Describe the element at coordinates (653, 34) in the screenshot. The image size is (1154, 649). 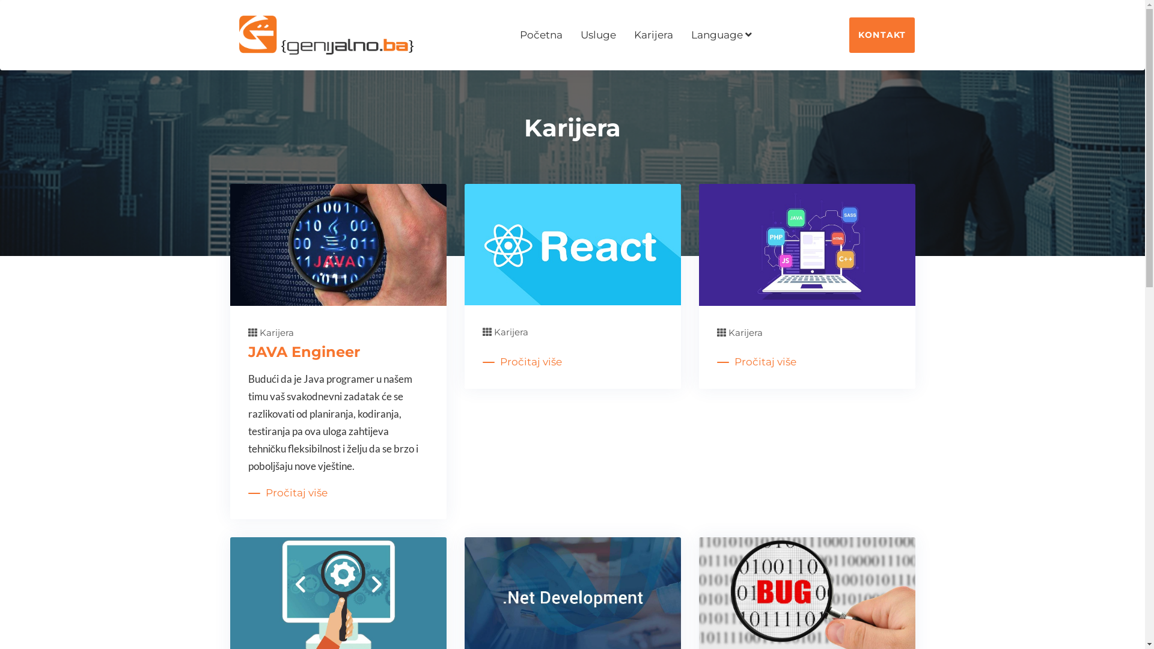
I see `'Karijera'` at that location.